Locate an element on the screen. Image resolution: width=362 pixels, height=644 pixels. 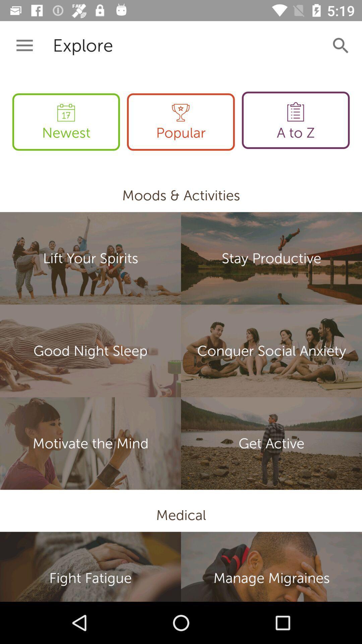
item to the left of explore app is located at coordinates (24, 45).